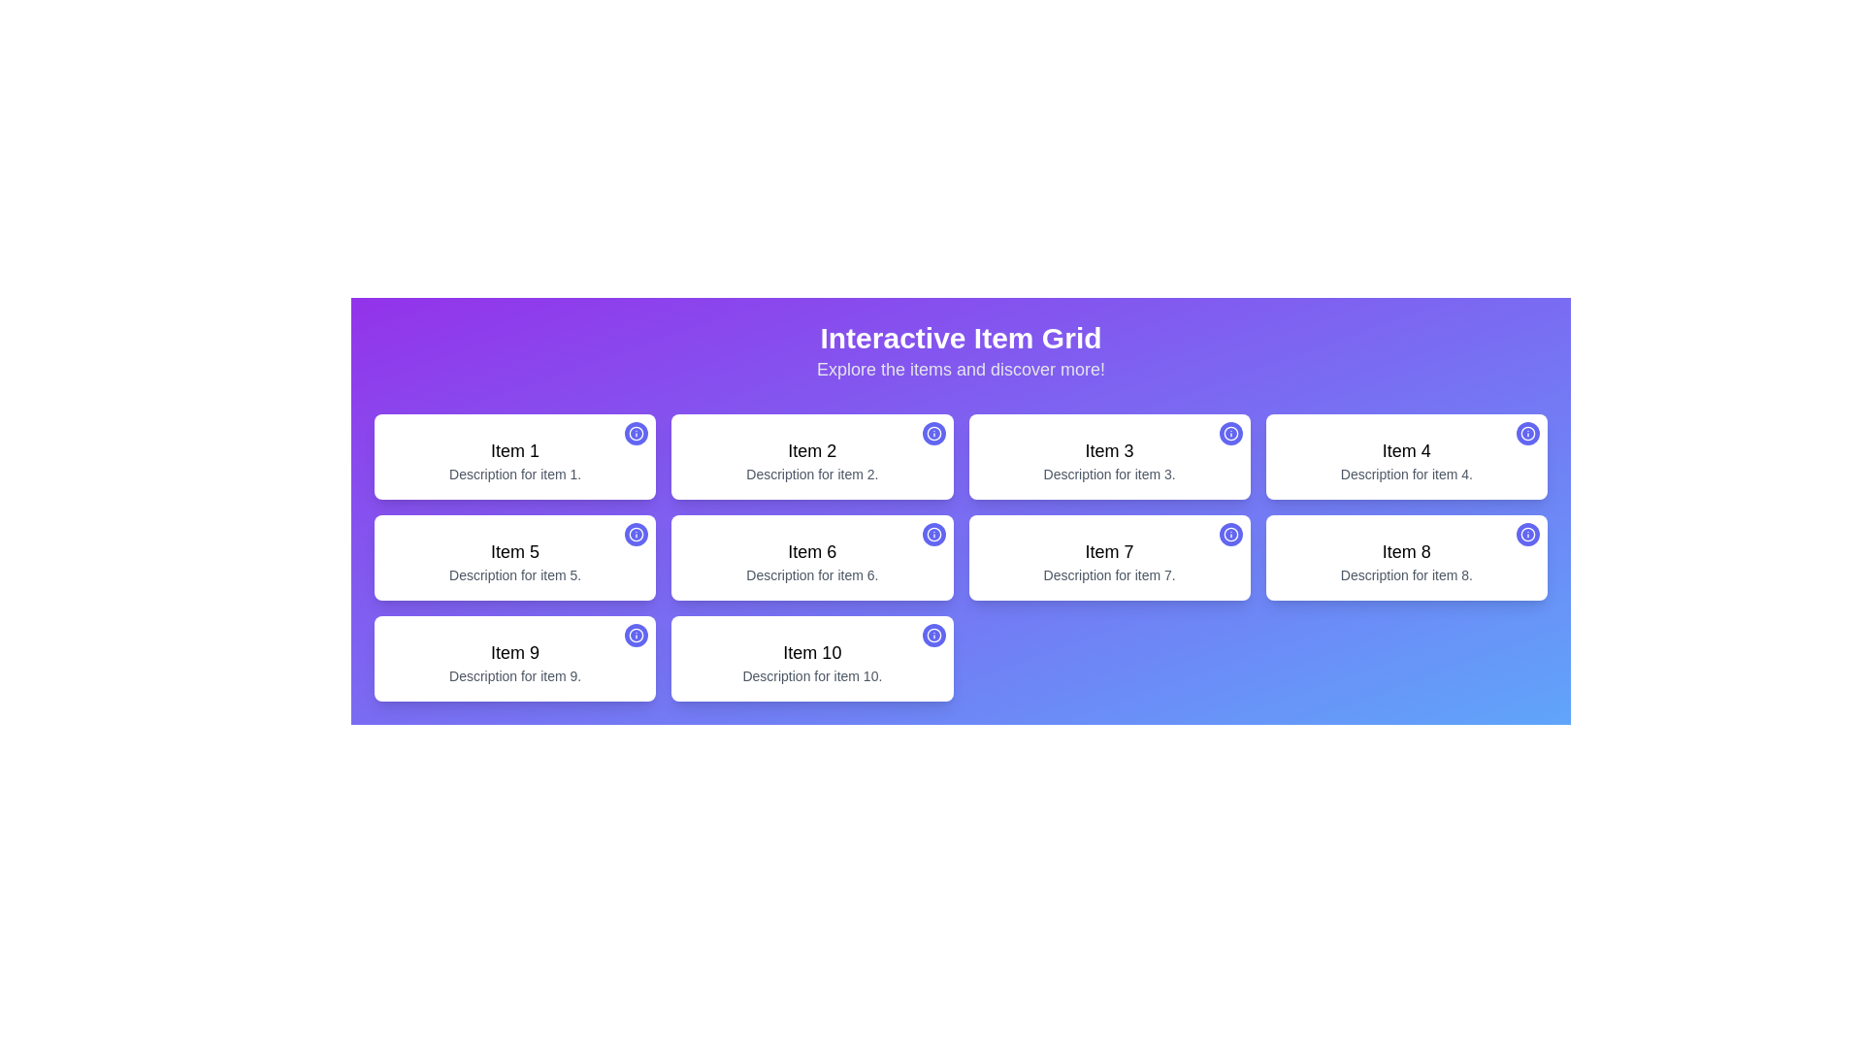 This screenshot has height=1048, width=1863. What do you see at coordinates (1229, 433) in the screenshot?
I see `the information icon located in the top-right corner of the 'Item 3' card` at bounding box center [1229, 433].